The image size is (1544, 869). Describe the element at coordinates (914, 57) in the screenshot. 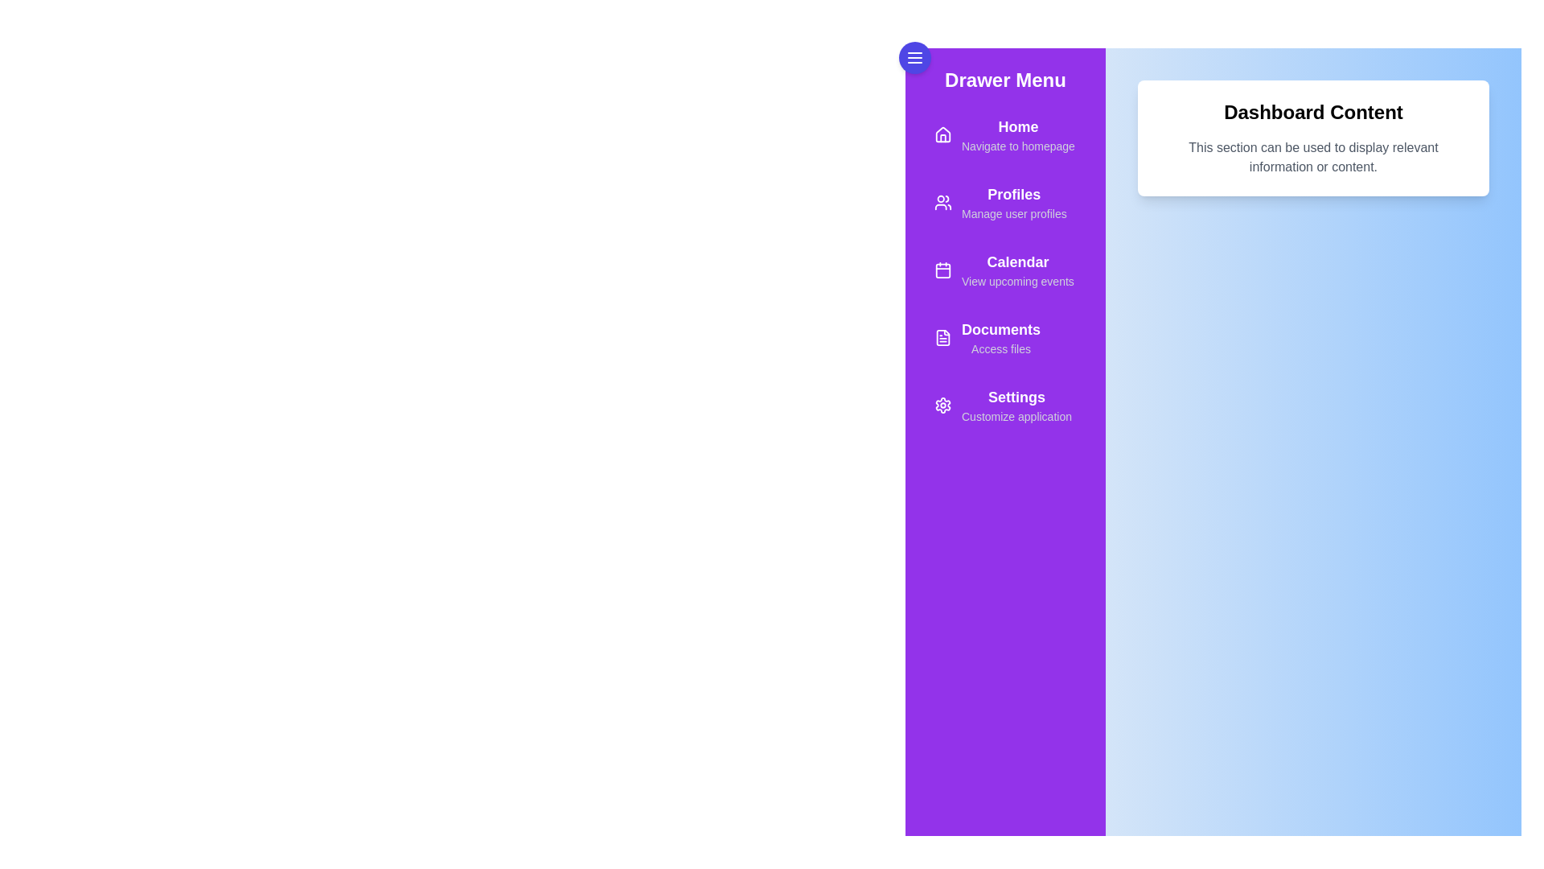

I see `the toggle button to toggle the drawer visibility` at that location.